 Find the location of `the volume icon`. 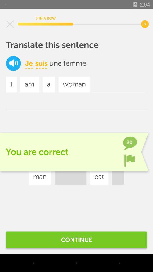

the volume icon is located at coordinates (13, 63).